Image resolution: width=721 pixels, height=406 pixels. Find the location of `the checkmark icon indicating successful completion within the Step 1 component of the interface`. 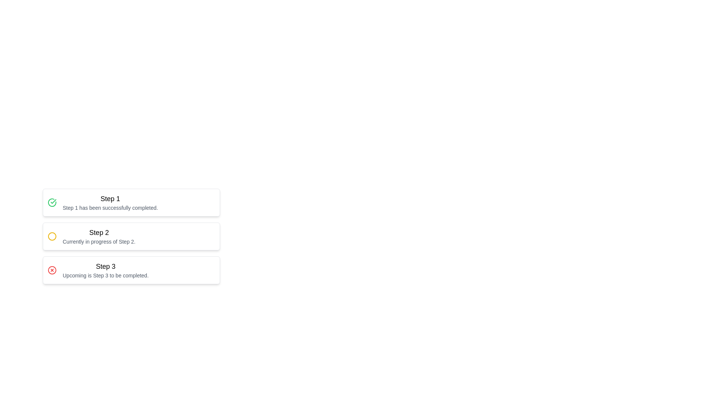

the checkmark icon indicating successful completion within the Step 1 component of the interface is located at coordinates (53, 201).